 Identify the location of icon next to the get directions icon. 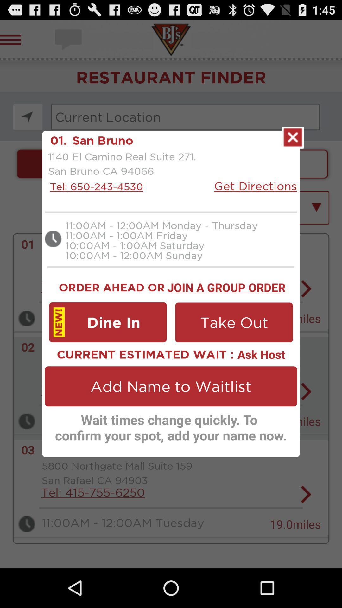
(95, 186).